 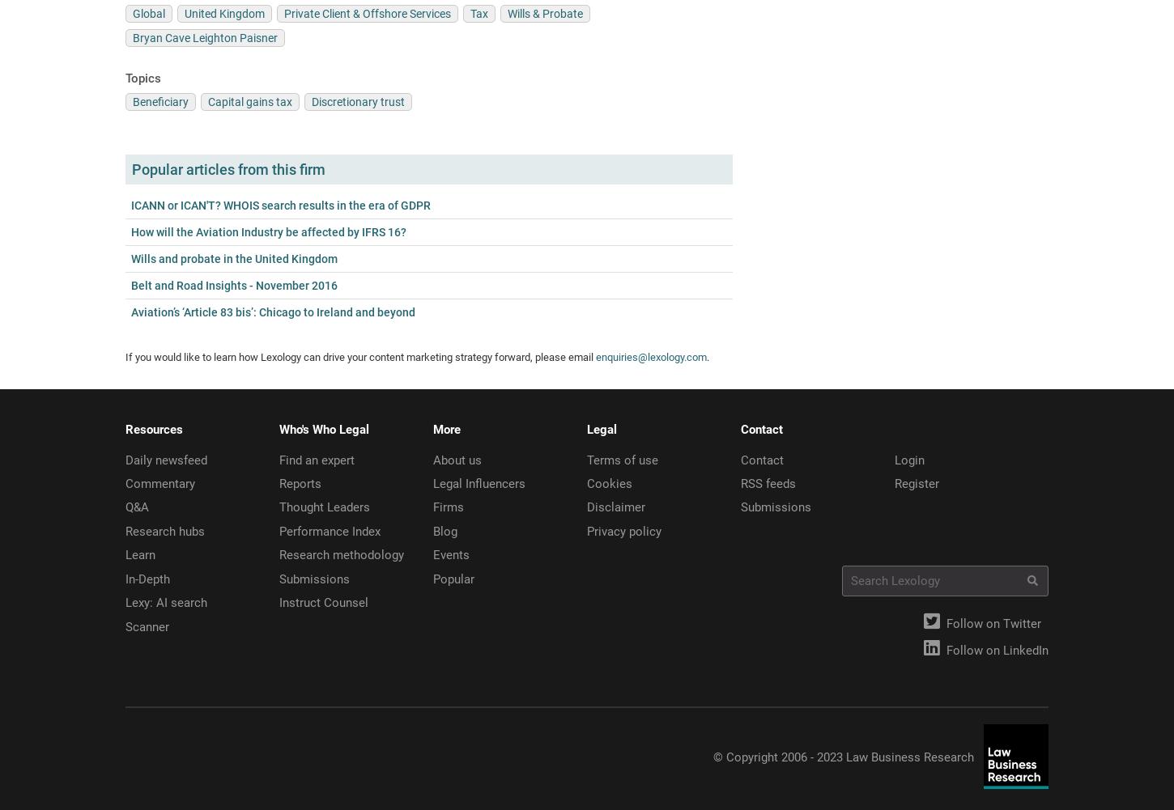 I want to click on 'If you would like to learn how Lexology can drive your content marketing strategy forward, please email', so click(x=359, y=356).